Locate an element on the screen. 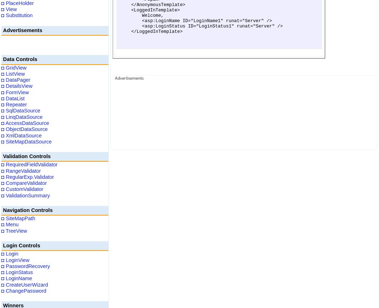 The image size is (379, 308). '◘ LoginStatus' is located at coordinates (17, 272).